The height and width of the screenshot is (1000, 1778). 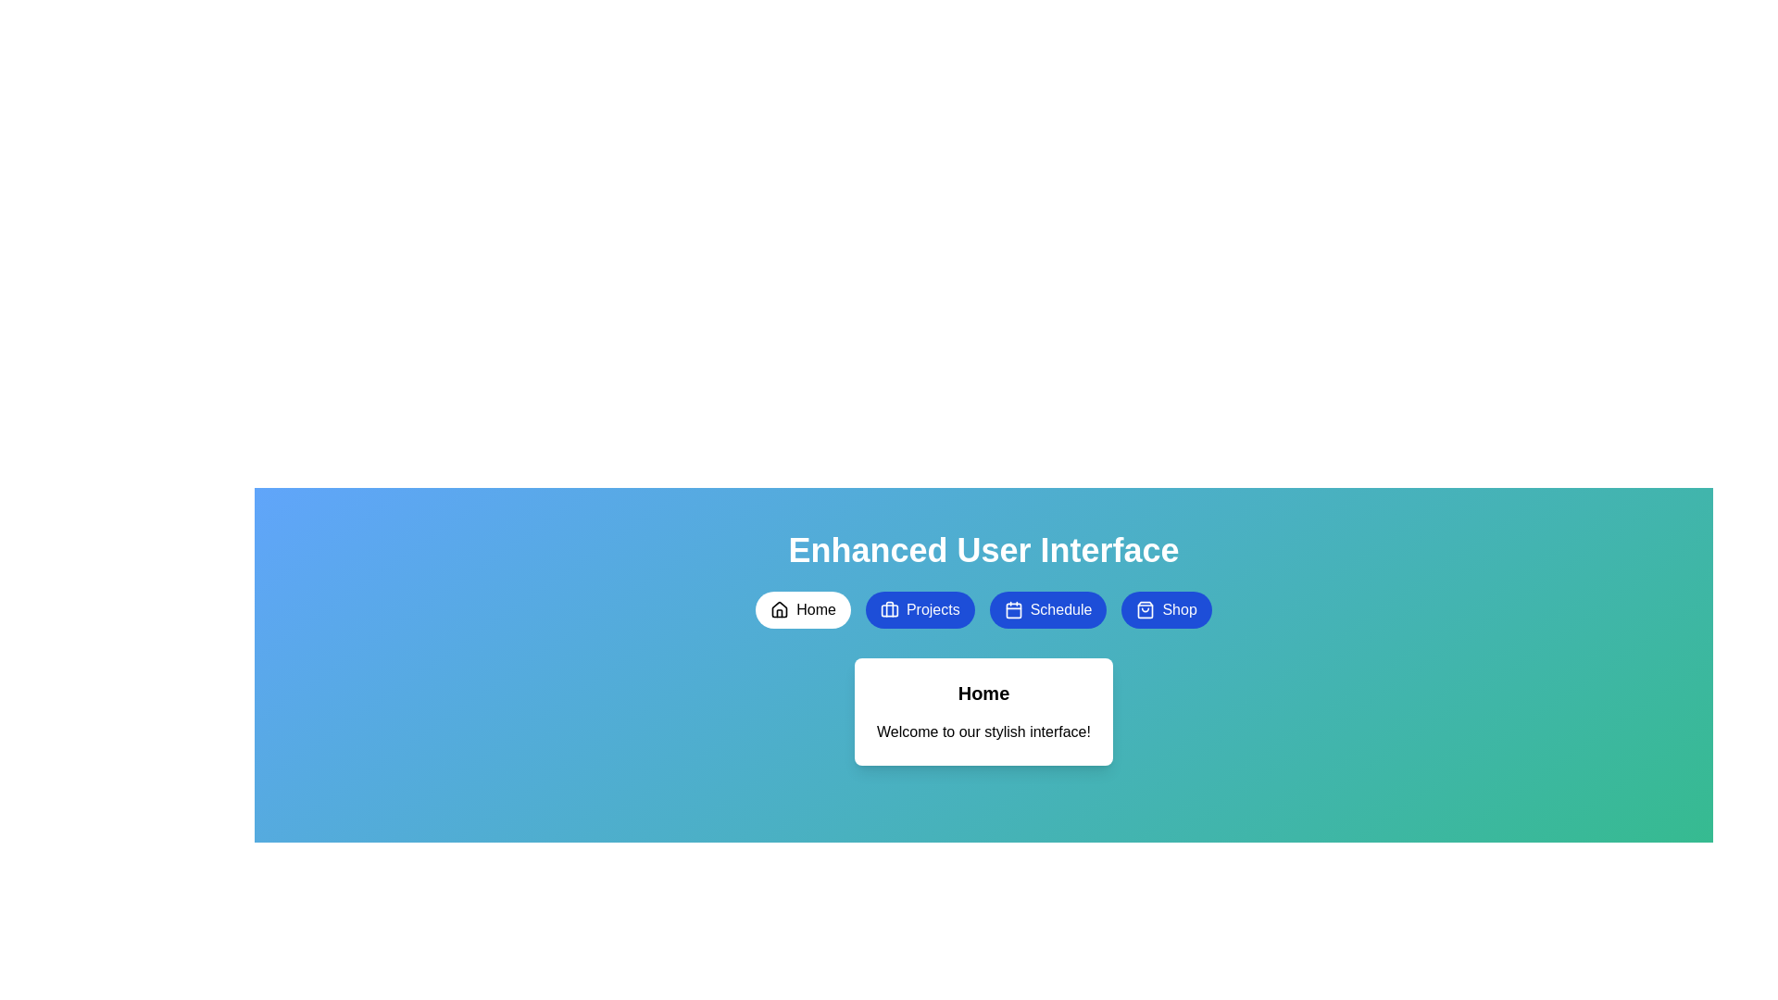 I want to click on the Schedule button to switch to the corresponding tab, so click(x=1048, y=610).